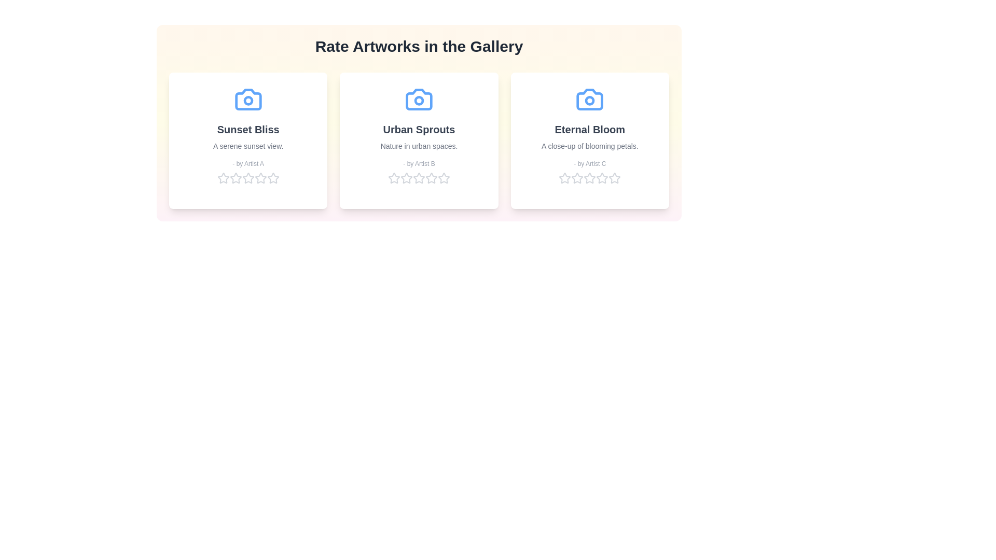  What do you see at coordinates (273, 177) in the screenshot?
I see `the star corresponding to 5 for the artwork 'Sunset Bliss' to set its rating` at bounding box center [273, 177].